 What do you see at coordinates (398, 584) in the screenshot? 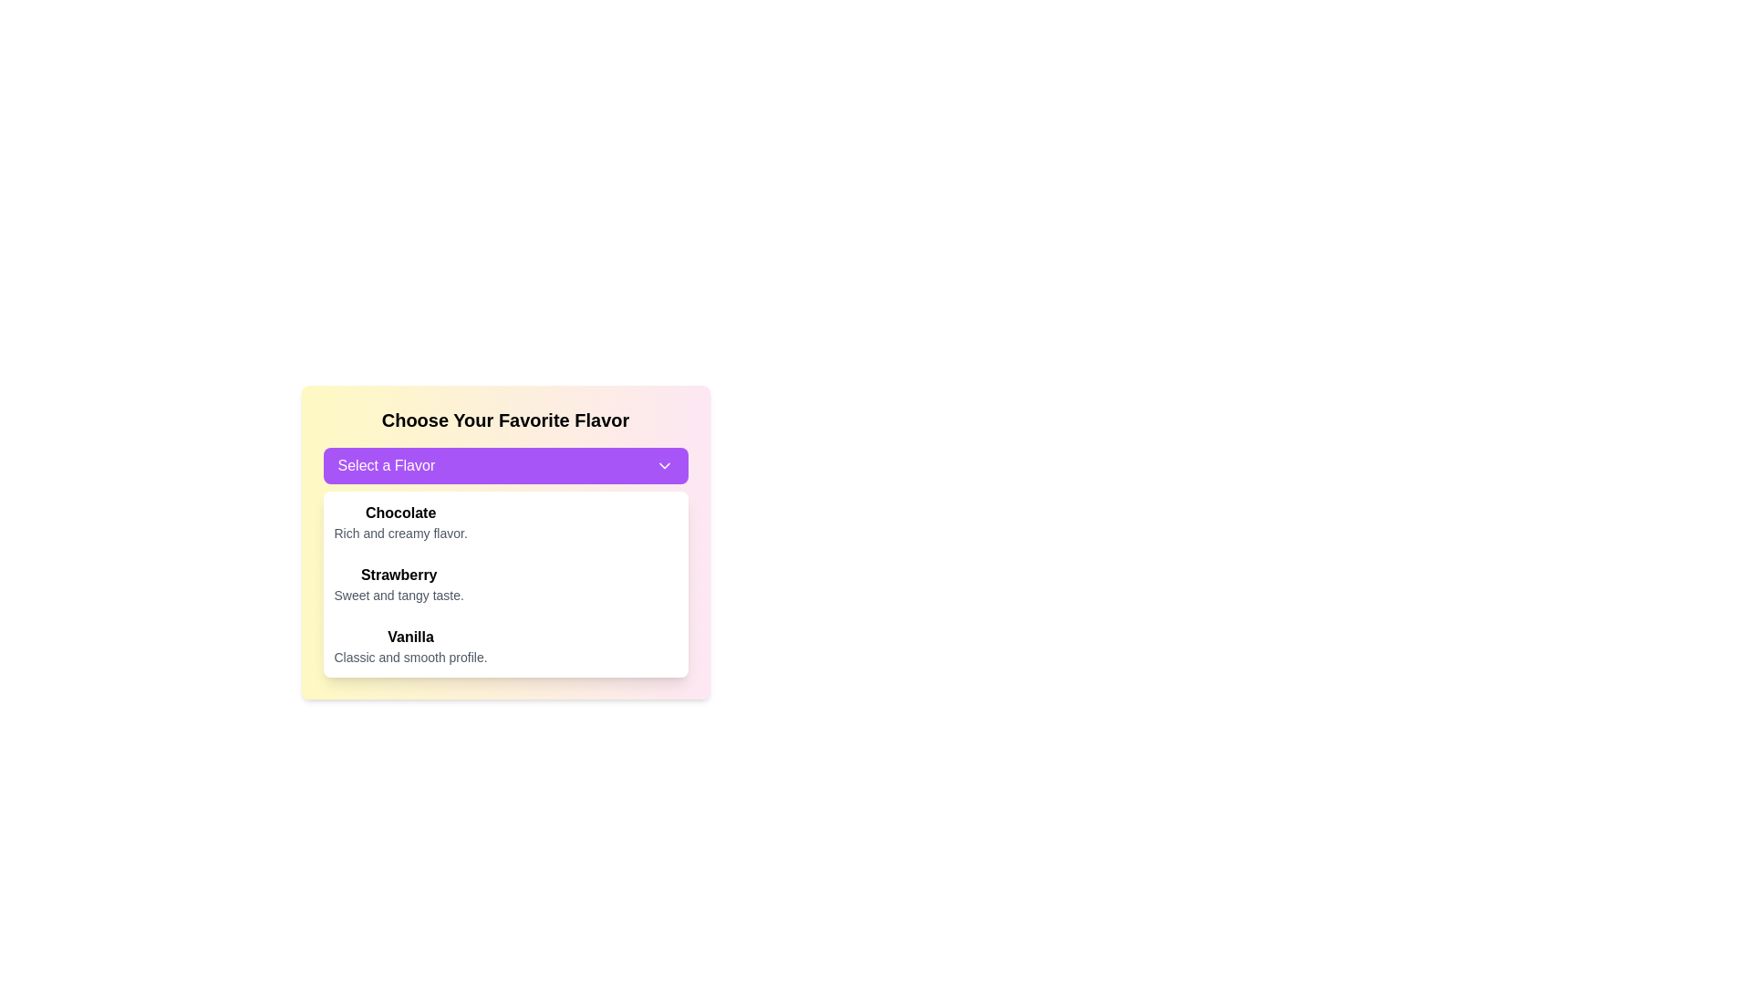
I see `descriptive text of the flavor selection labeled 'Strawberry', which includes the subtitle 'Sweet and tangy taste.'` at bounding box center [398, 584].